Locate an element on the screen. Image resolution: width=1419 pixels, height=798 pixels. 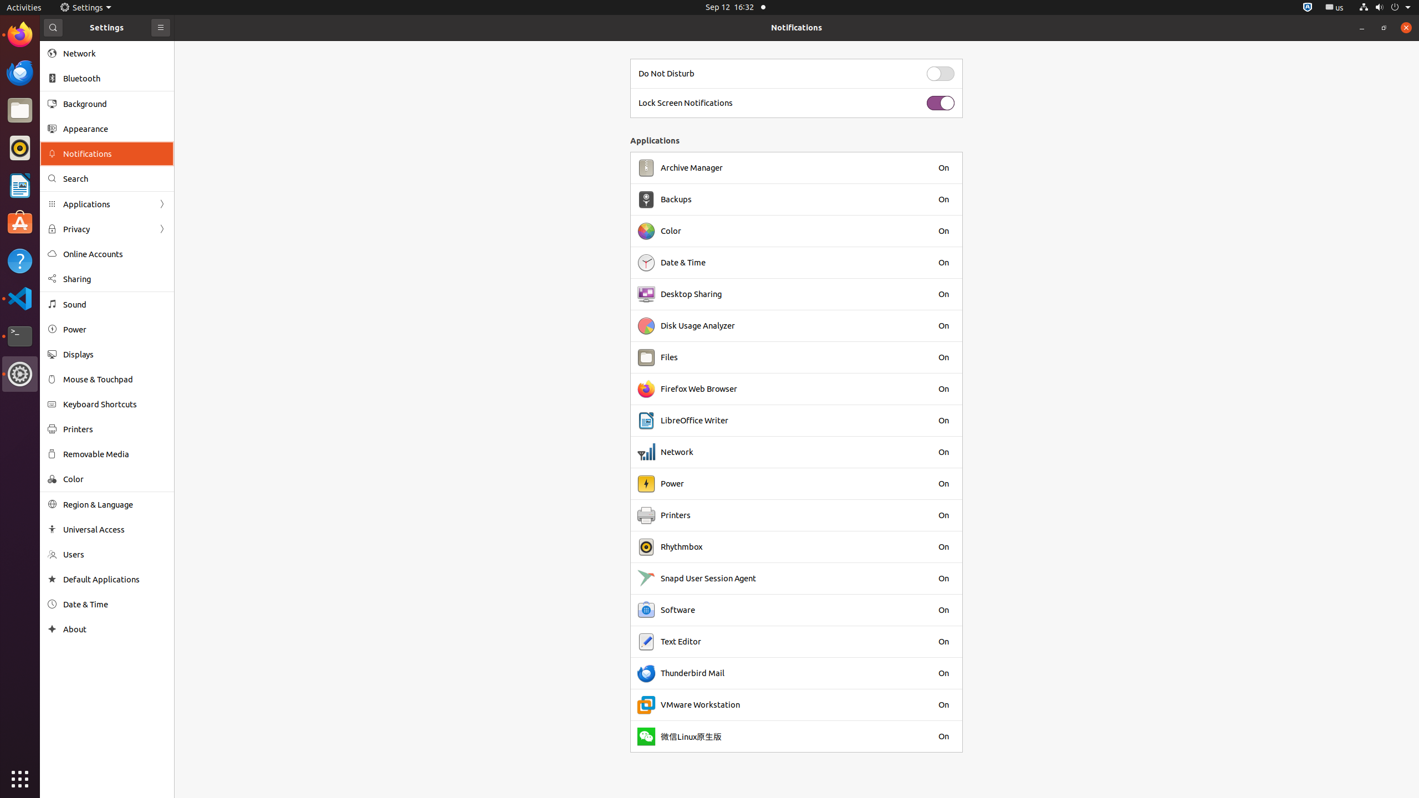
'Keyboard Shortcuts' is located at coordinates (115, 403).